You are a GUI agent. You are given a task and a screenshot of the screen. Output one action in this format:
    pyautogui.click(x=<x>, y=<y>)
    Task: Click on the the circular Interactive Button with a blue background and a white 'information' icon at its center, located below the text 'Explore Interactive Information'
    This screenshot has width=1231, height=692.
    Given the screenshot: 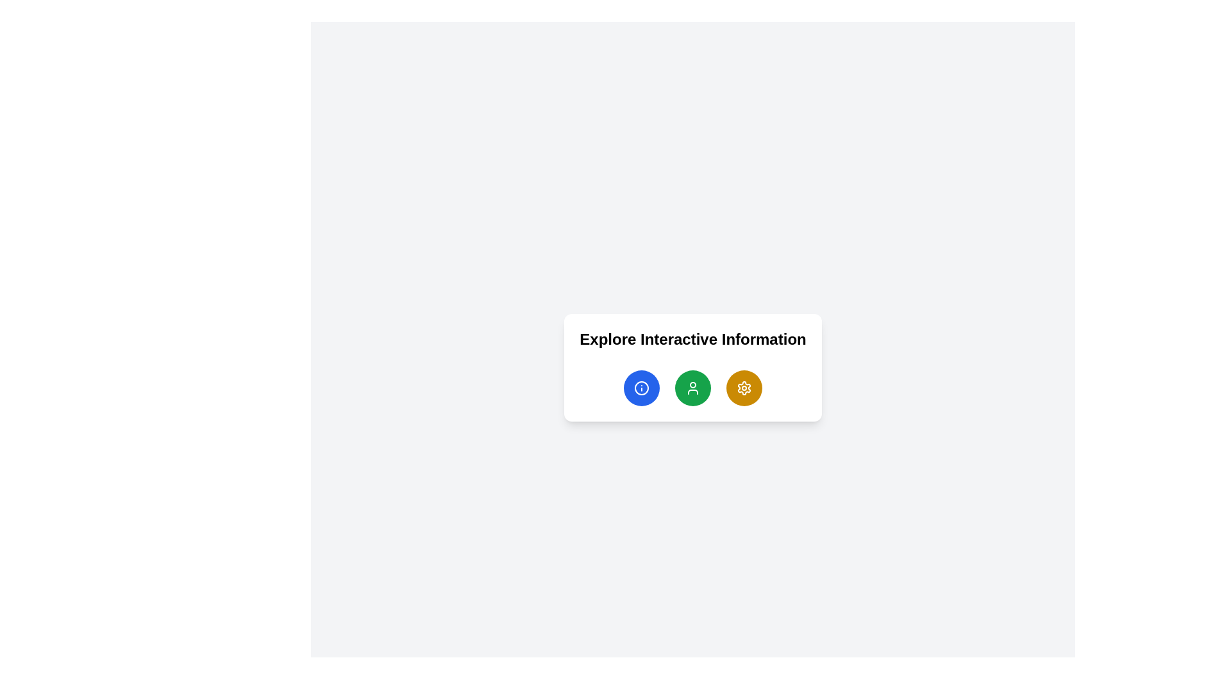 What is the action you would take?
    pyautogui.click(x=641, y=387)
    